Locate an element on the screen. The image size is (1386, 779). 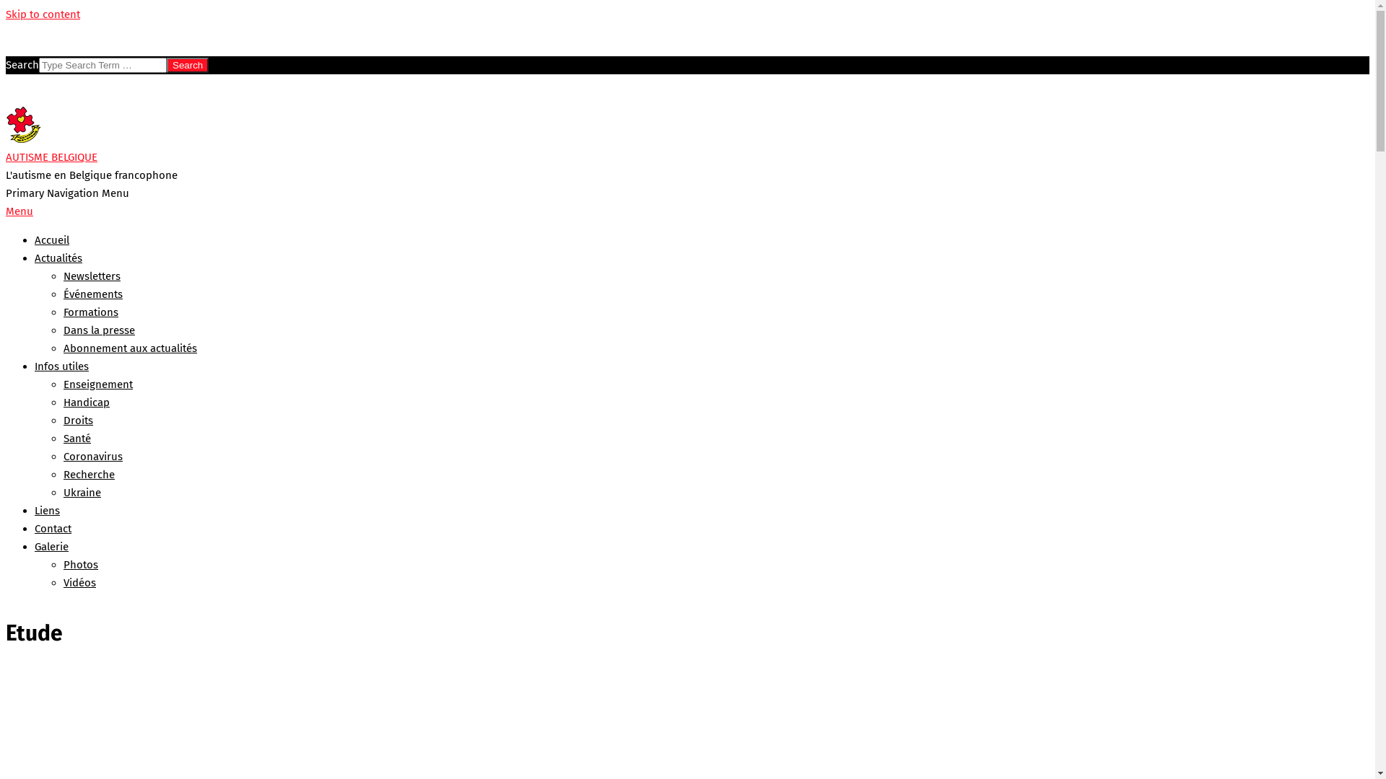
'Photos' is located at coordinates (79, 564).